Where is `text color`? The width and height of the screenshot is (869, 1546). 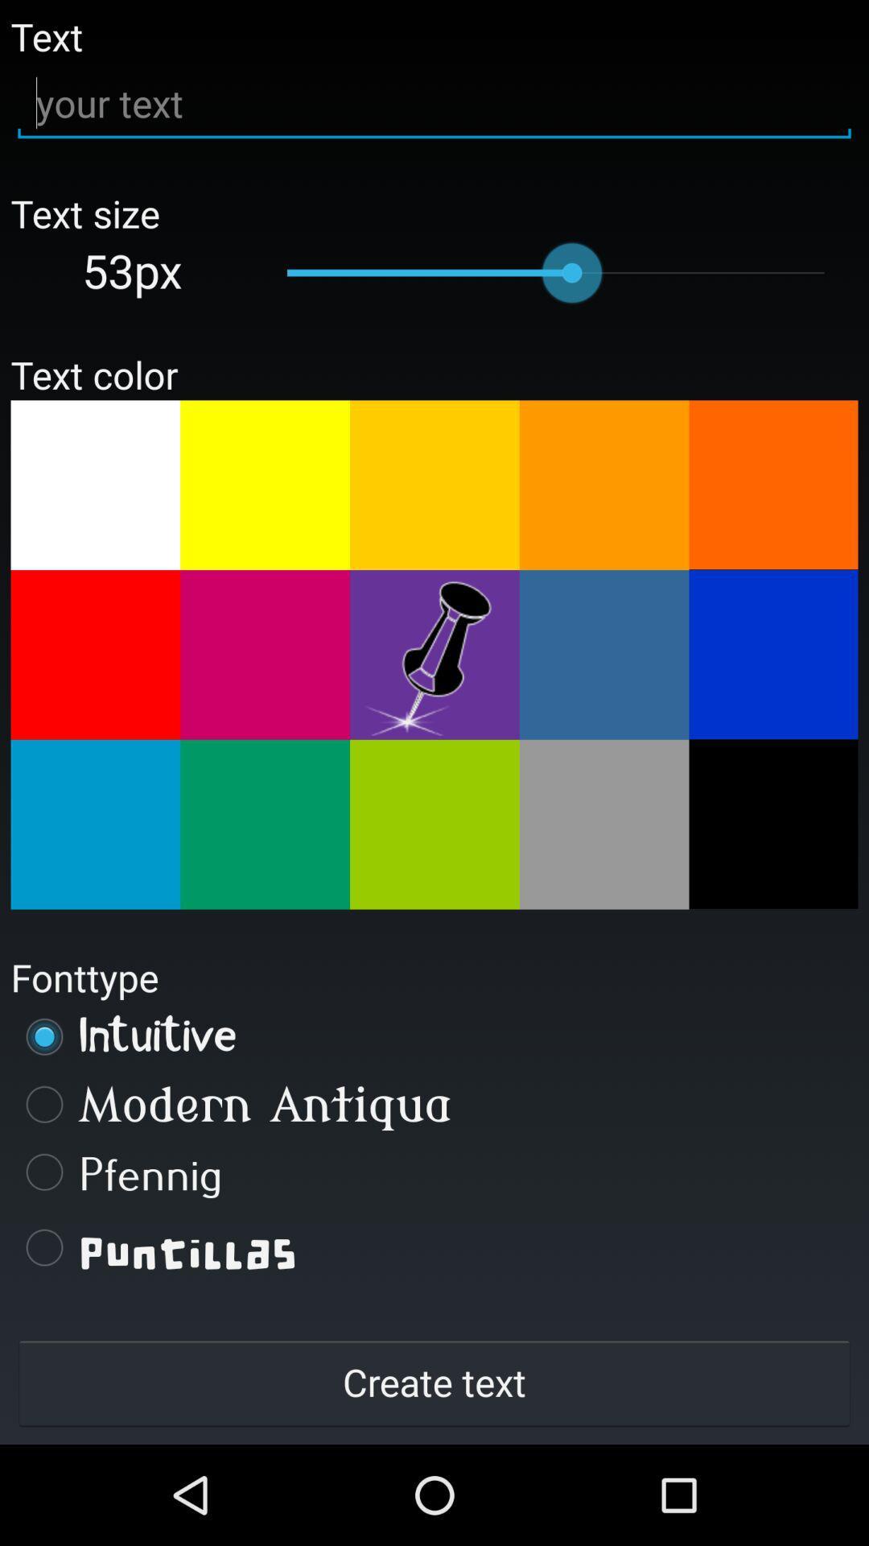 text color is located at coordinates (772, 824).